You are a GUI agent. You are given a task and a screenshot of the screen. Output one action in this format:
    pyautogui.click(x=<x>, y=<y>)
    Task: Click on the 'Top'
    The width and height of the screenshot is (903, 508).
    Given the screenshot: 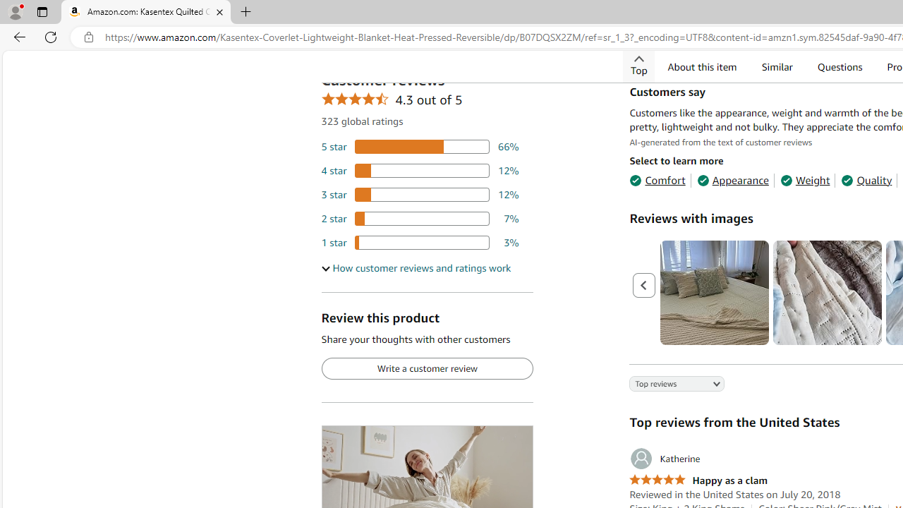 What is the action you would take?
    pyautogui.click(x=638, y=66)
    